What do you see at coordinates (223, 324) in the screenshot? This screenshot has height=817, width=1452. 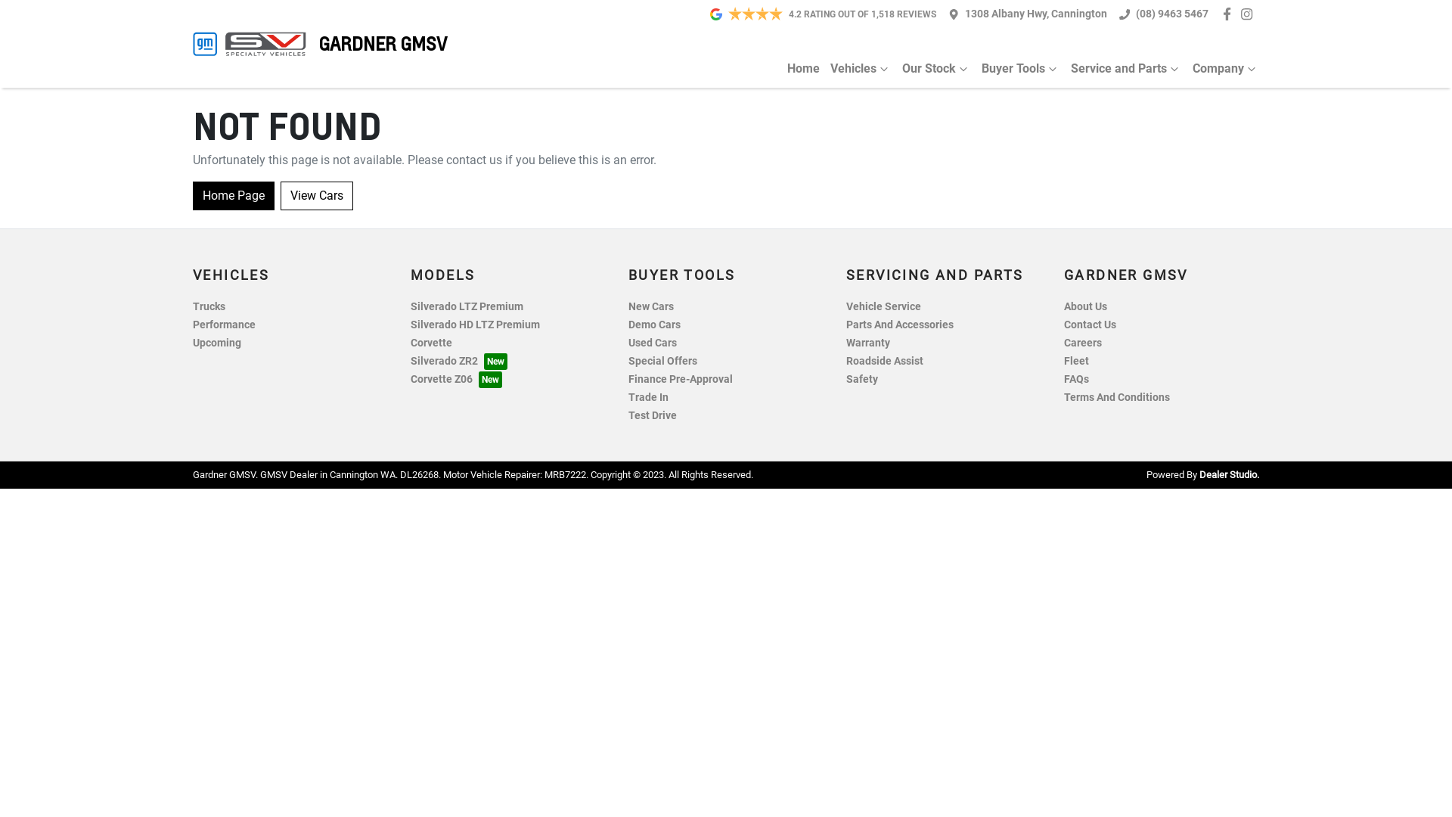 I see `'Performance'` at bounding box center [223, 324].